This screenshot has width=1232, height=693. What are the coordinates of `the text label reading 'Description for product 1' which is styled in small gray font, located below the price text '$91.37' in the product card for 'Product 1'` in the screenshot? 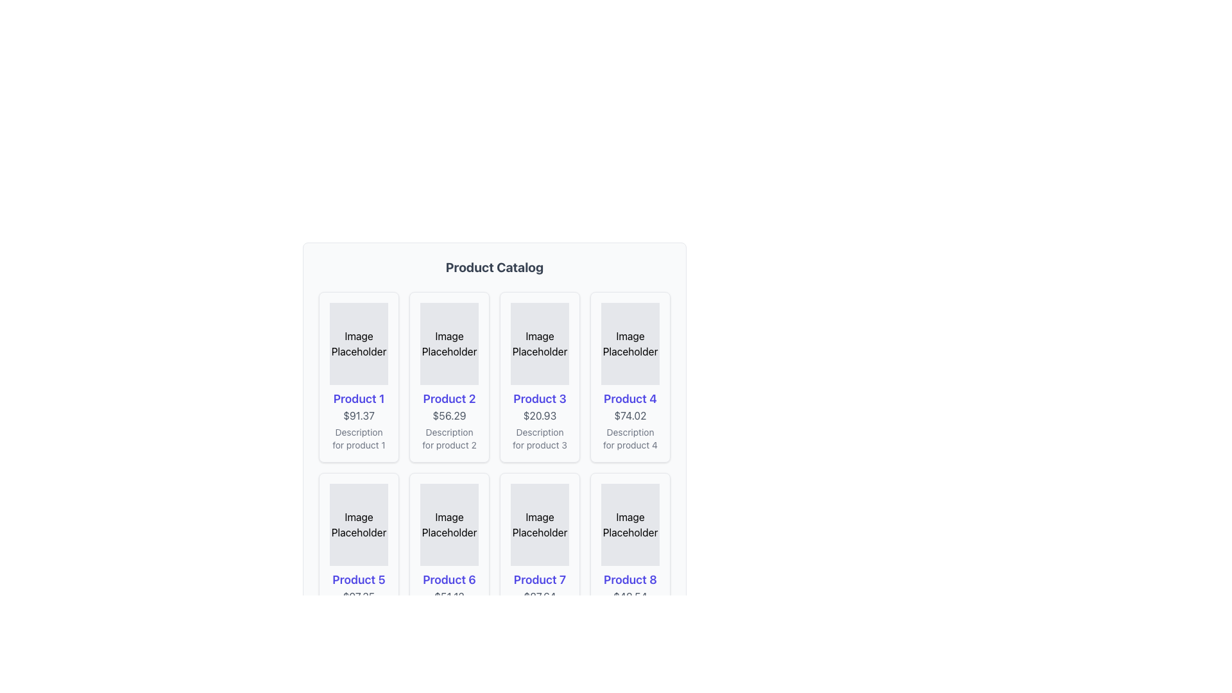 It's located at (359, 438).